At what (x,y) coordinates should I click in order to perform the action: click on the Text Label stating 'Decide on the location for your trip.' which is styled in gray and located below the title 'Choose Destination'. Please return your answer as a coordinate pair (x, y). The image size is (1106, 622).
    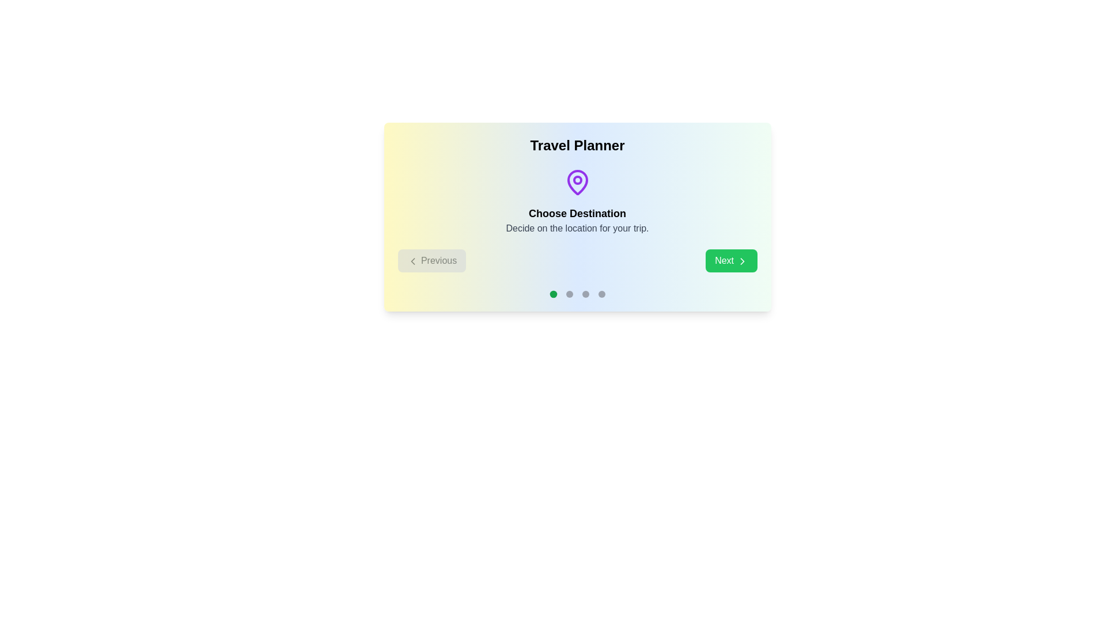
    Looking at the image, I should click on (577, 229).